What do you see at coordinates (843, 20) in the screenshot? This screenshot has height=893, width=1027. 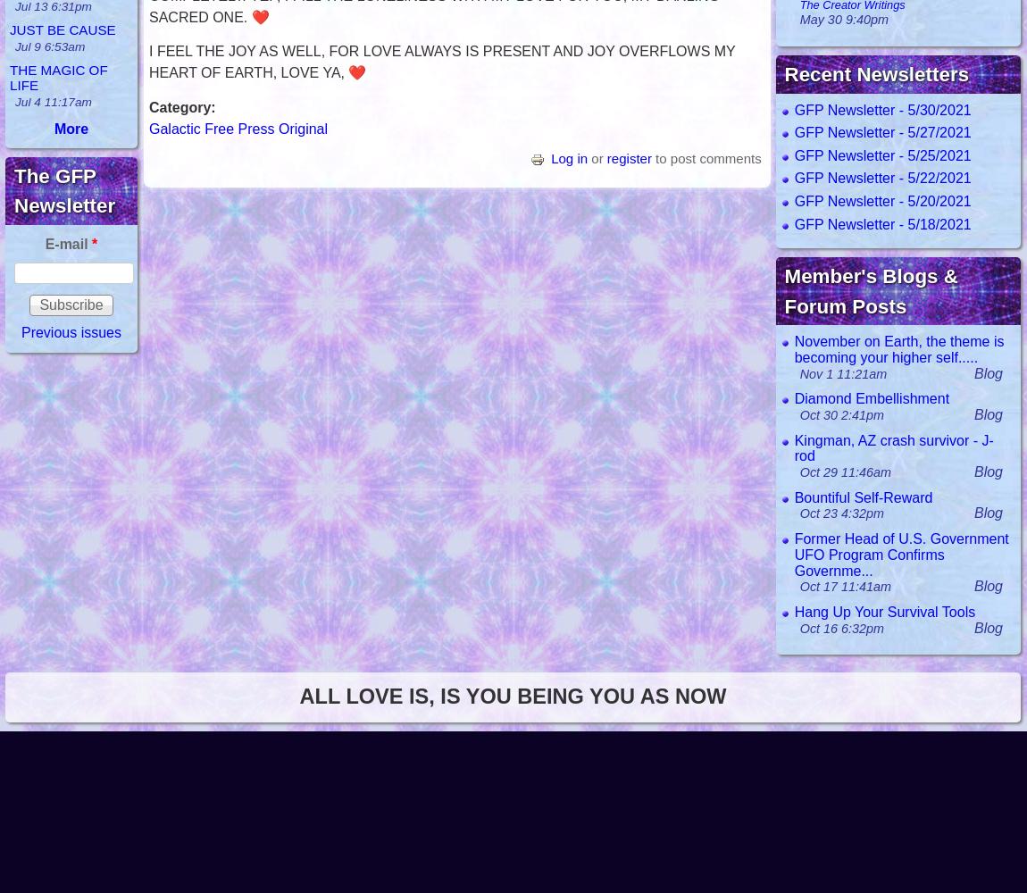 I see `'May 30 9:40pm'` at bounding box center [843, 20].